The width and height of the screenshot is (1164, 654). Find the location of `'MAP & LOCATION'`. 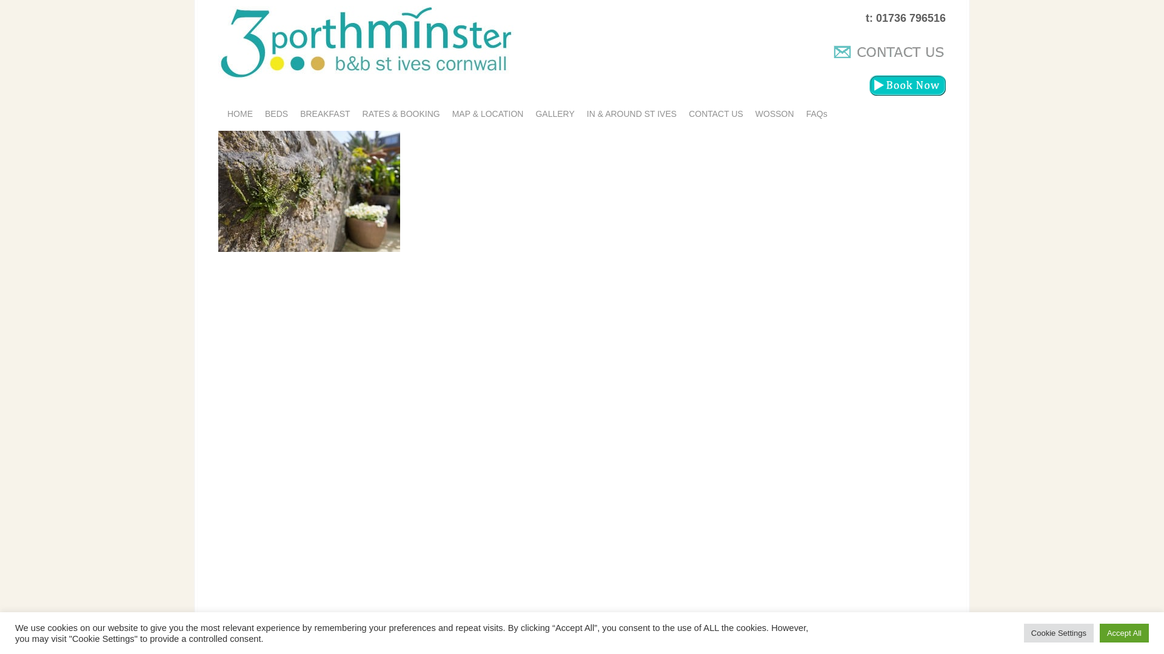

'MAP & LOCATION' is located at coordinates (488, 114).